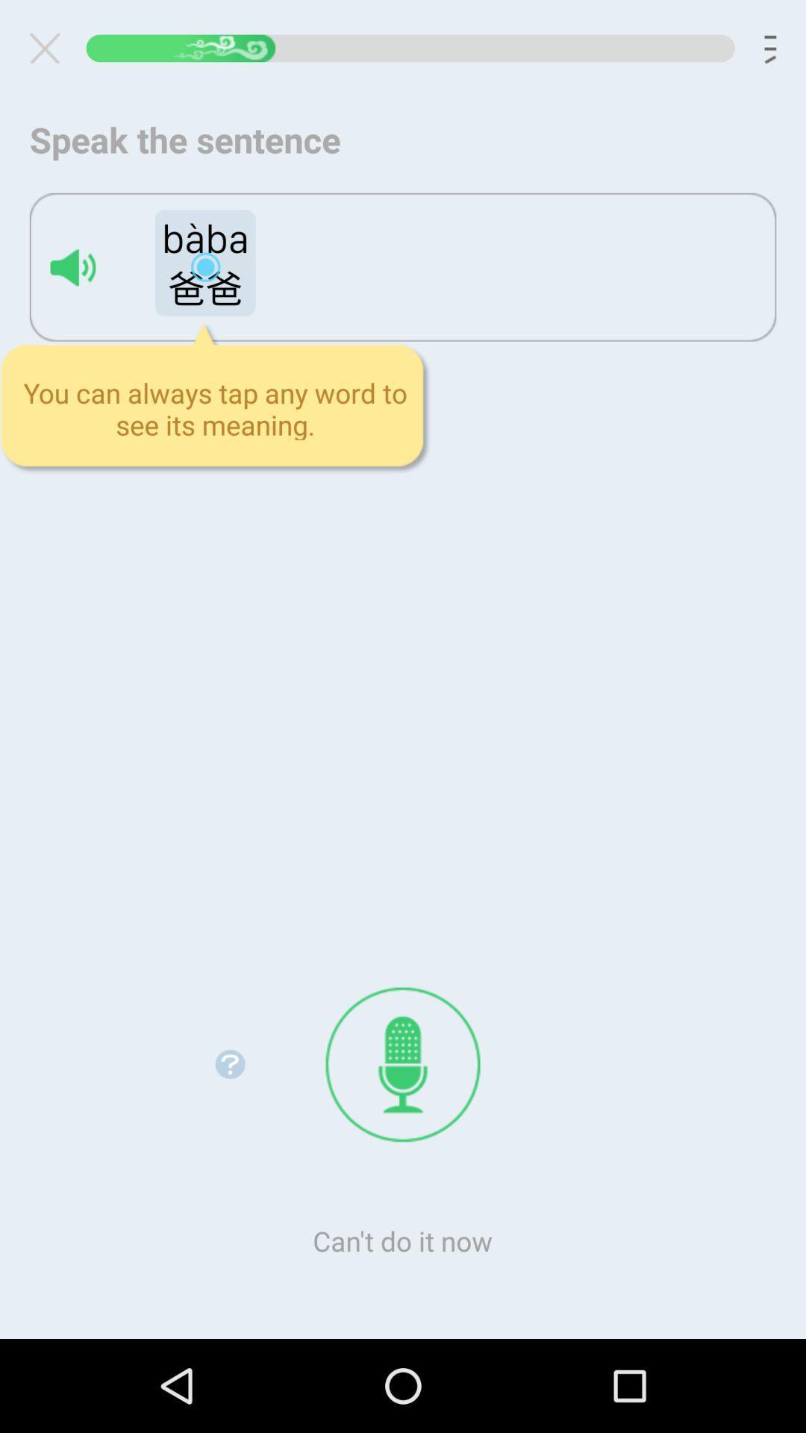  Describe the element at coordinates (403, 1064) in the screenshot. I see `mic button` at that location.